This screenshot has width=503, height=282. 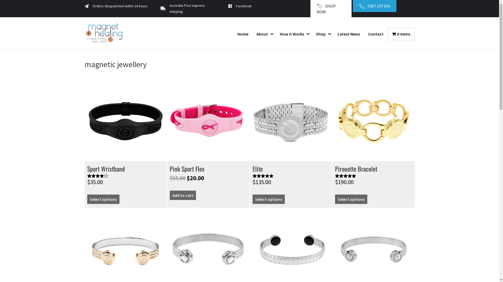 What do you see at coordinates (330, 9) in the screenshot?
I see `'SHOP NOW'` at bounding box center [330, 9].